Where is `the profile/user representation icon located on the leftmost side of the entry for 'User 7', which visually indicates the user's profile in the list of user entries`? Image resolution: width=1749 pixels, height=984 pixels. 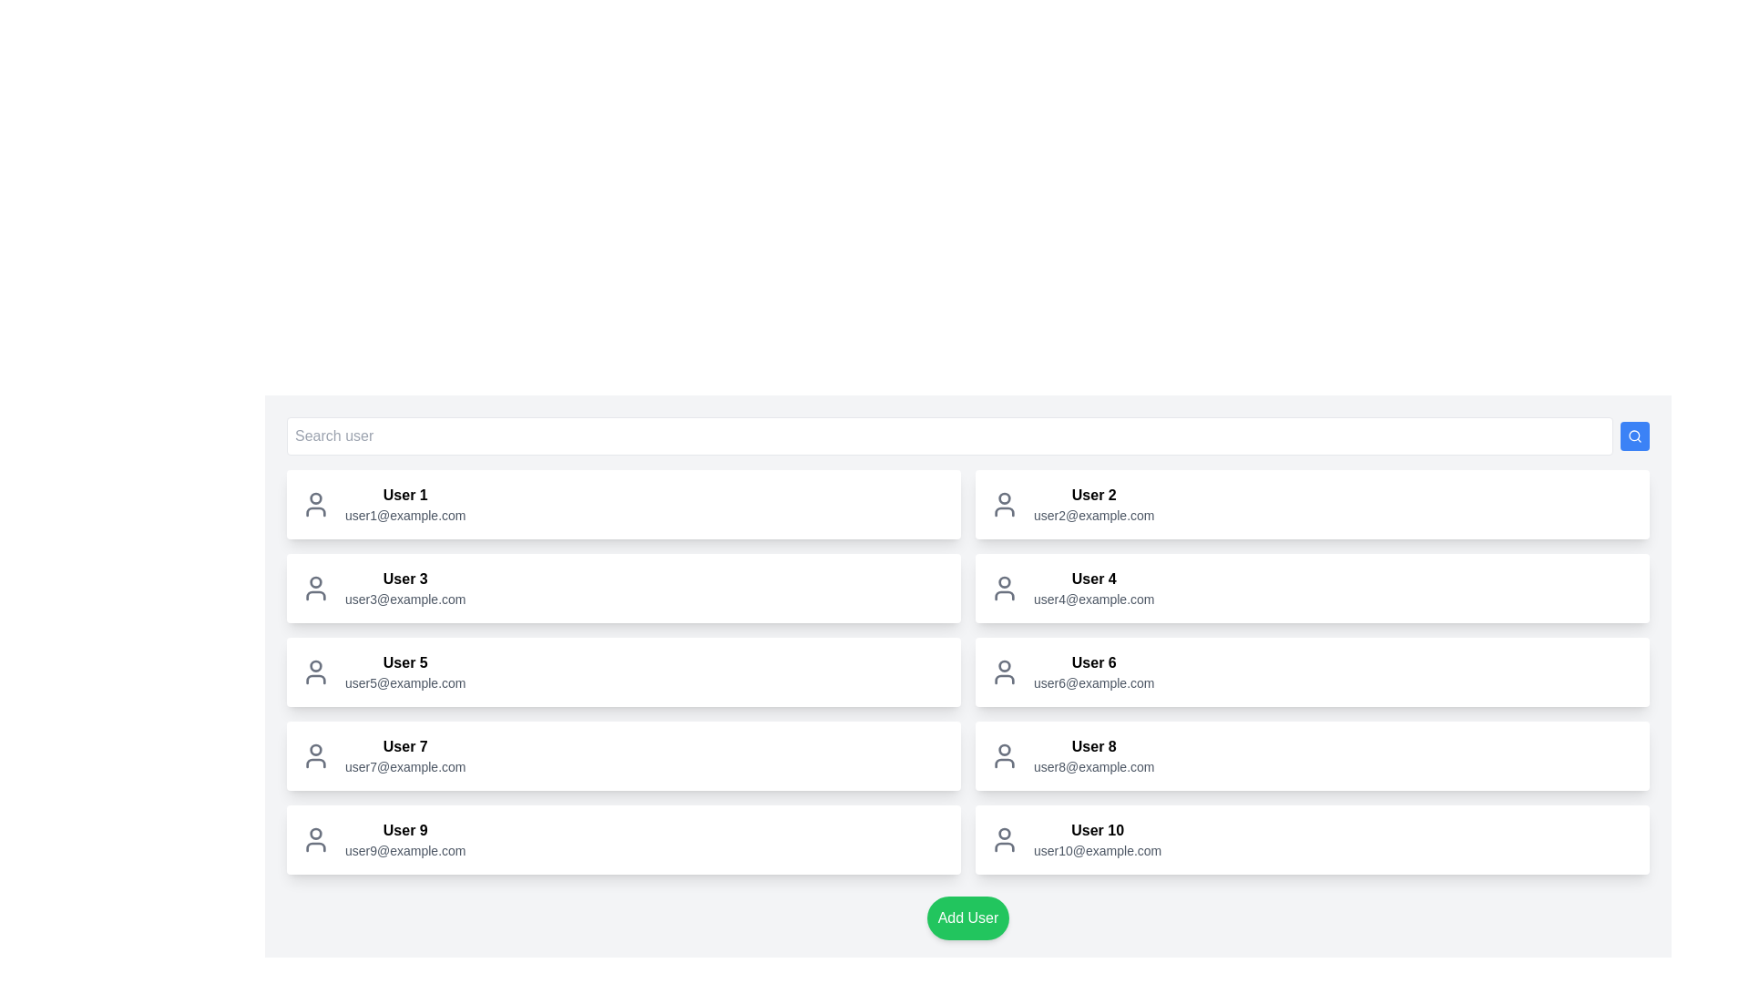
the profile/user representation icon located on the leftmost side of the entry for 'User 7', which visually indicates the user's profile in the list of user entries is located at coordinates (315, 755).